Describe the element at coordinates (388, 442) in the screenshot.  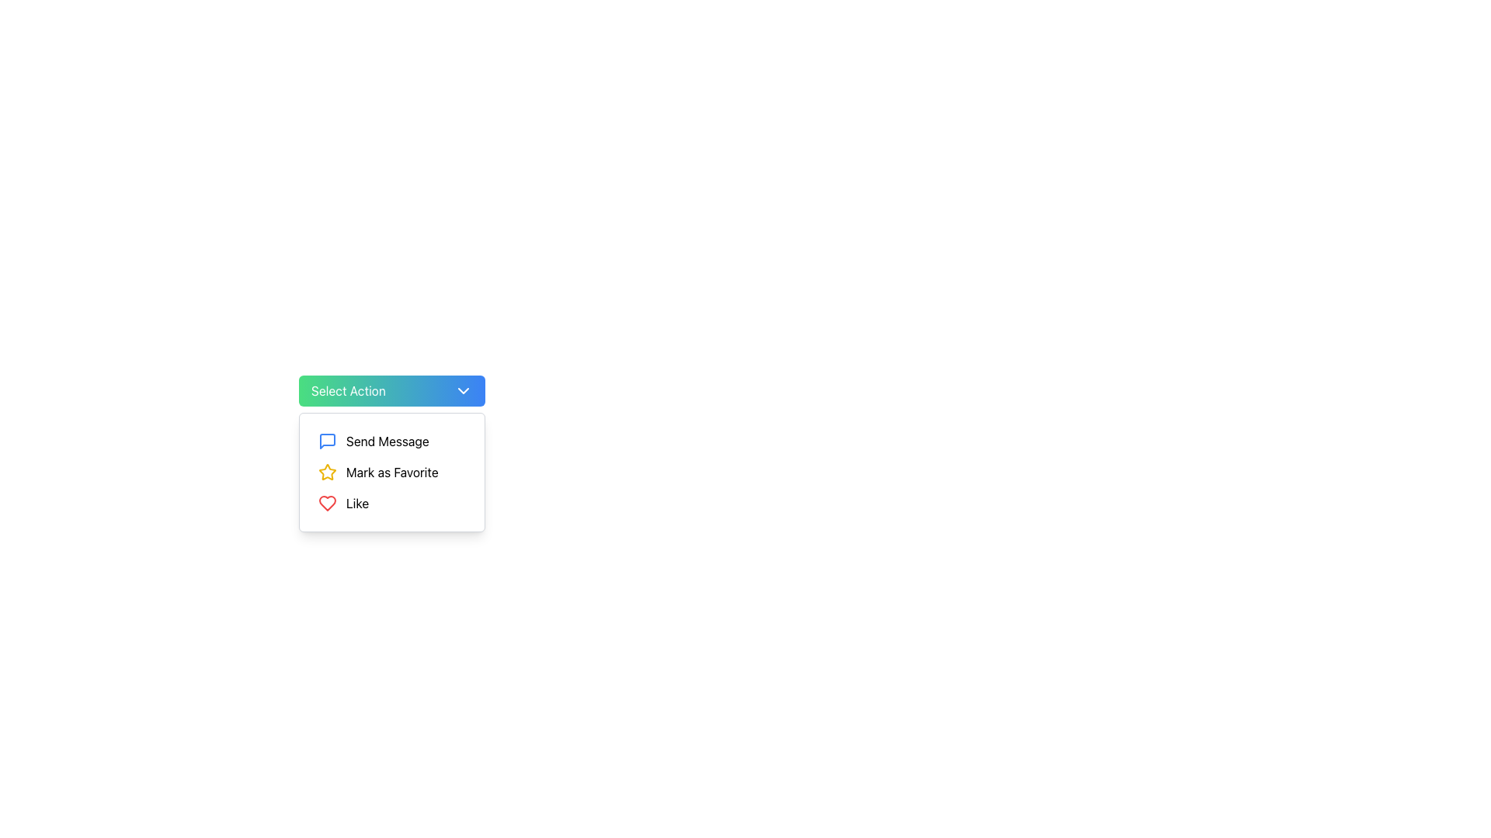
I see `the 'Send Message' text label within the dropdown menu` at that location.